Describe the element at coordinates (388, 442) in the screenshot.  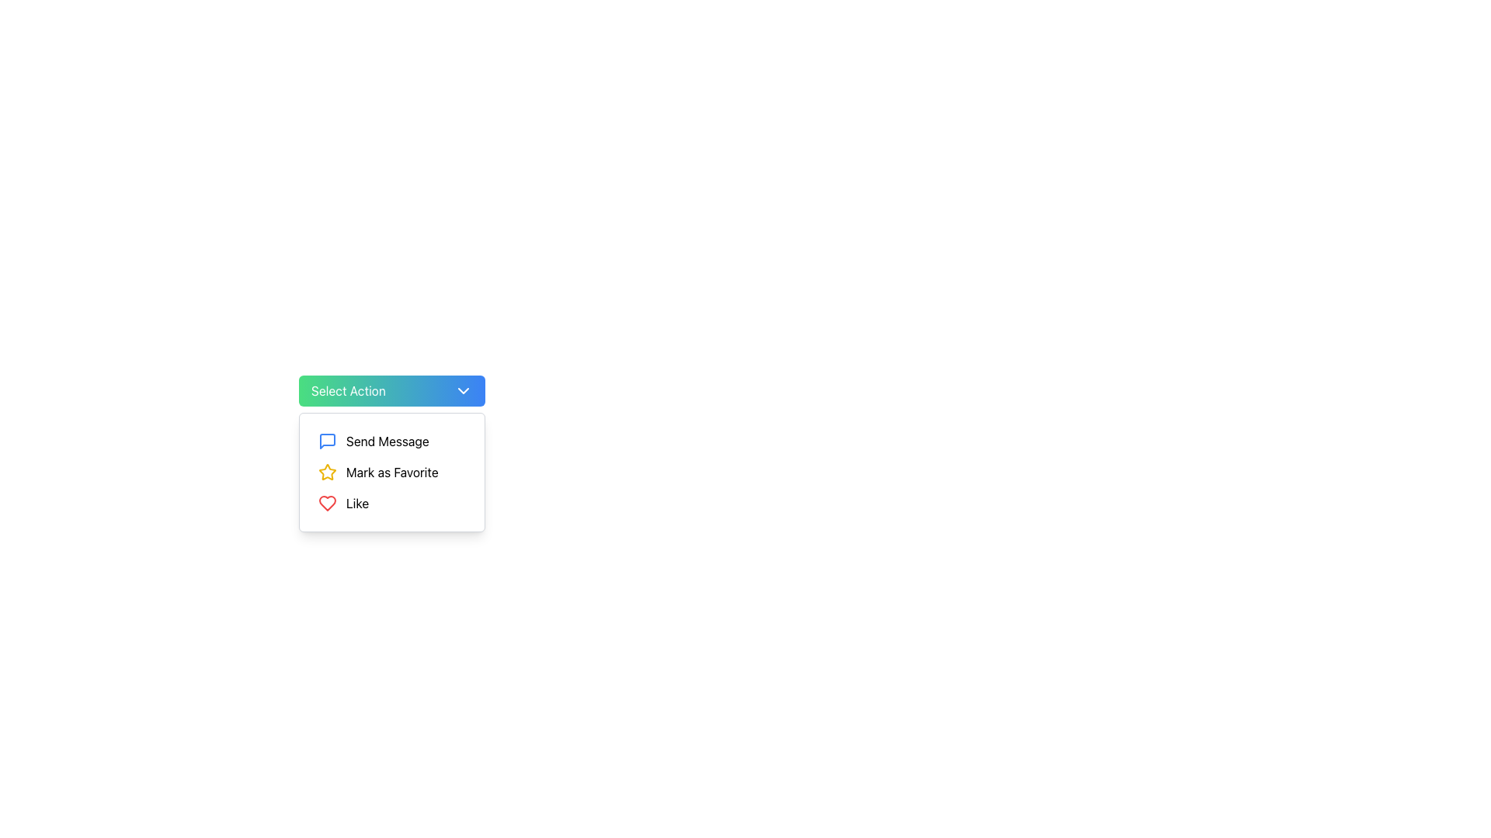
I see `the 'Send Message' text label within the dropdown menu` at that location.